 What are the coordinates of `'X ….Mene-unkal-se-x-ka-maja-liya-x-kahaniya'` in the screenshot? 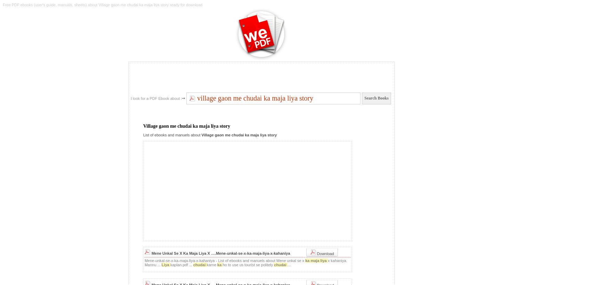 It's located at (249, 253).